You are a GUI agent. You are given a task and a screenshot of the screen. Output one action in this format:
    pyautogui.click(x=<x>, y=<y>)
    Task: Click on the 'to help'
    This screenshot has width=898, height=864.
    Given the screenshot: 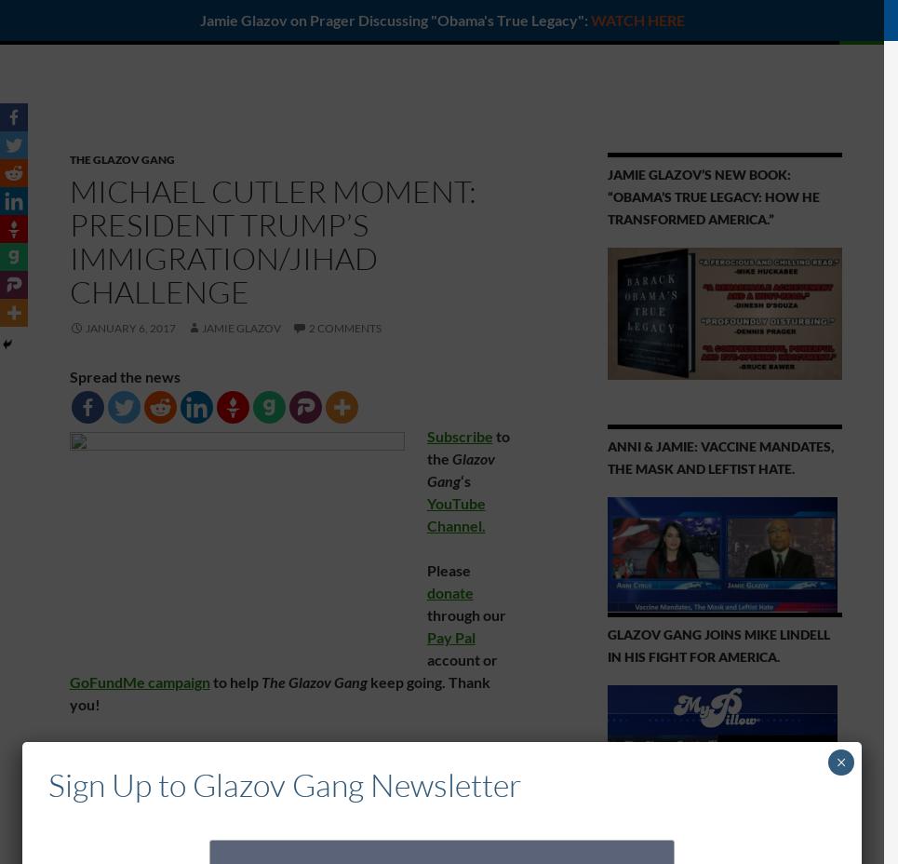 What is the action you would take?
    pyautogui.click(x=235, y=681)
    